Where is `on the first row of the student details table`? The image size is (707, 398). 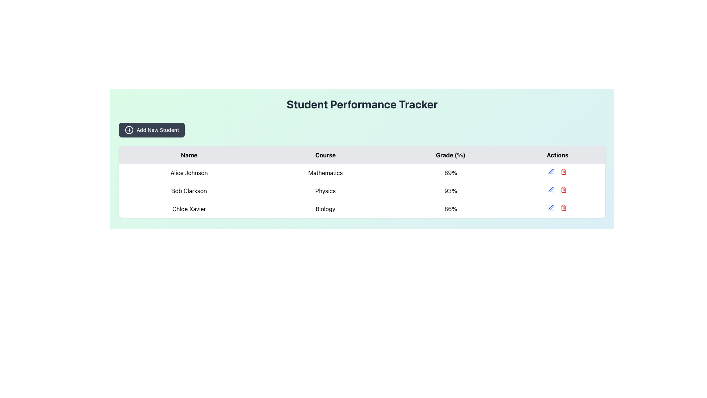
on the first row of the student details table is located at coordinates (362, 173).